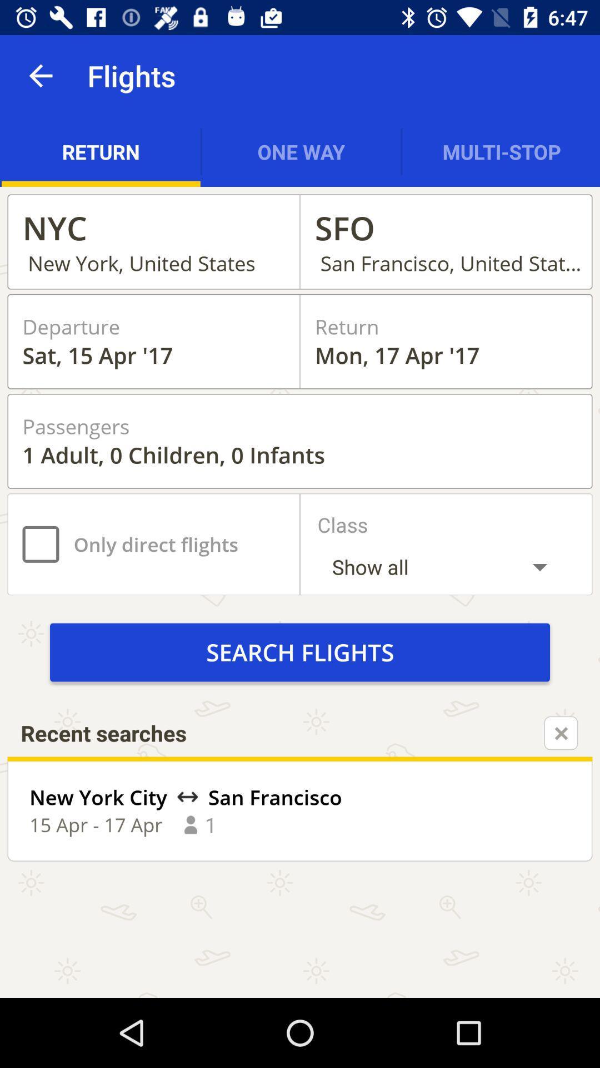  Describe the element at coordinates (561, 733) in the screenshot. I see `the close icon` at that location.